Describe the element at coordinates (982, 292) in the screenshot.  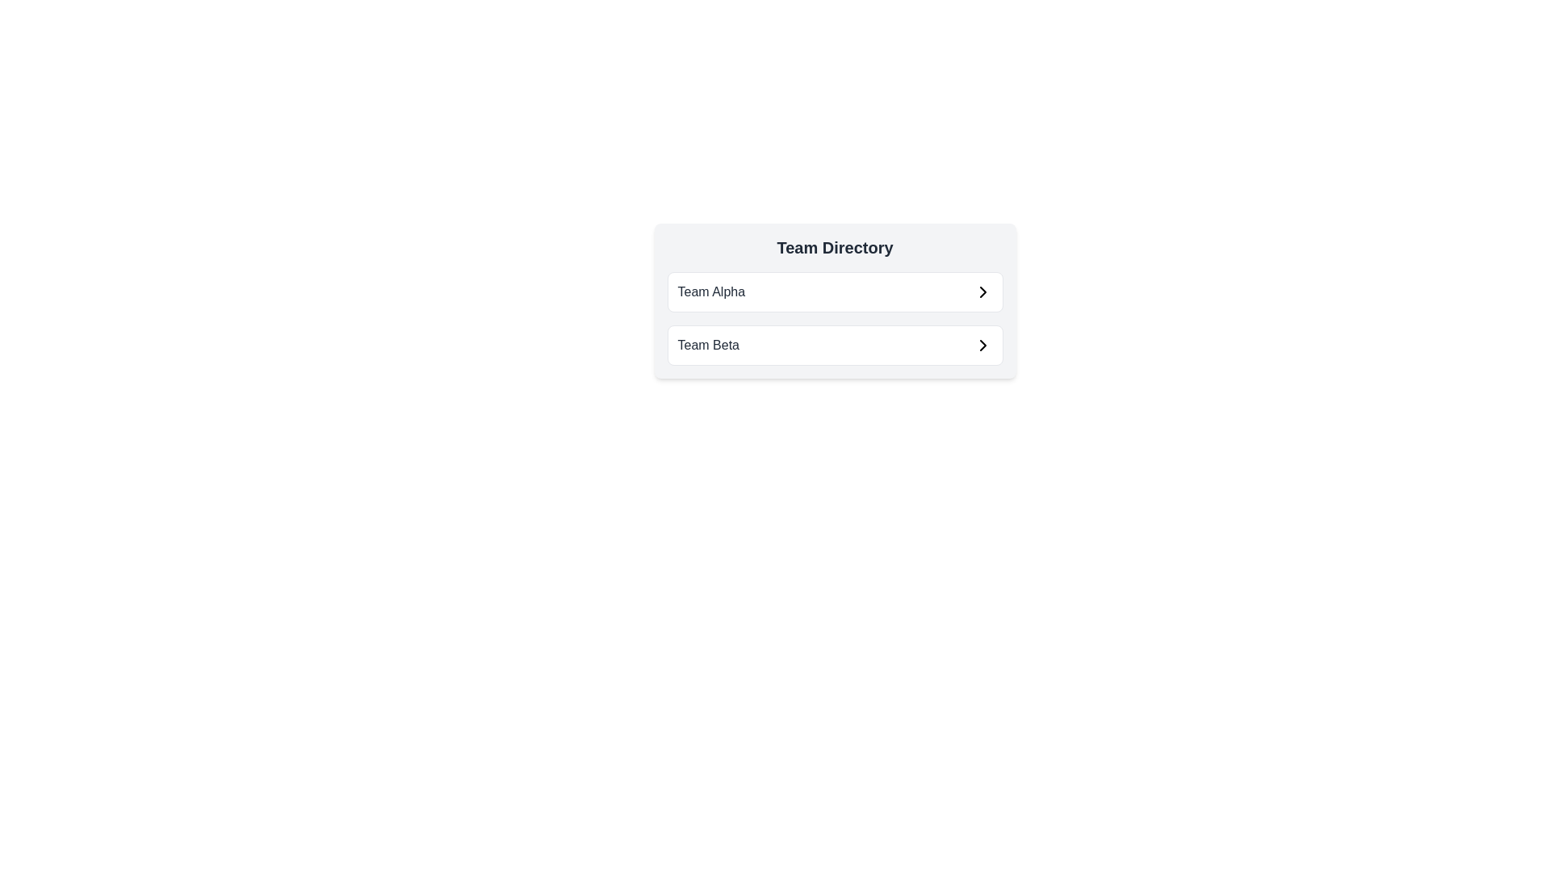
I see `the right-arrow navigation icon for 'Team Alpha'` at that location.